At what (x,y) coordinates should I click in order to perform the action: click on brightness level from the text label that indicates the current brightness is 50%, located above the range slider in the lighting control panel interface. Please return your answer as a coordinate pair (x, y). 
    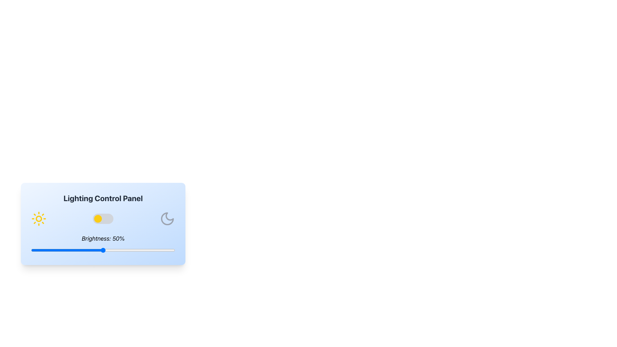
    Looking at the image, I should click on (103, 239).